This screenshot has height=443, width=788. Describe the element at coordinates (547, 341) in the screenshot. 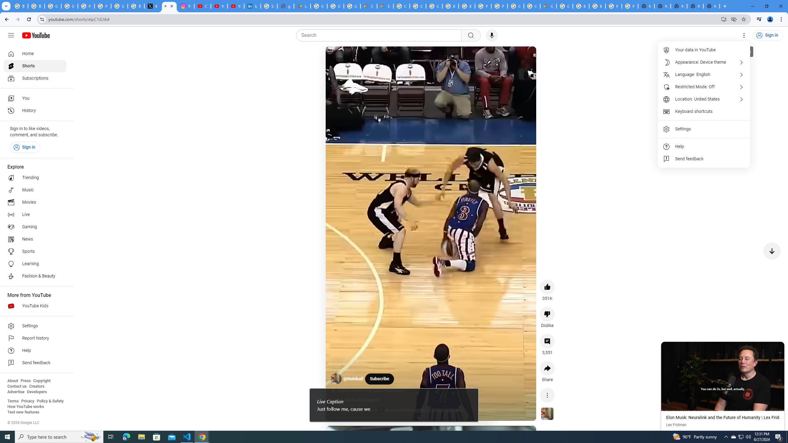

I see `'View 3,551 comments'` at that location.